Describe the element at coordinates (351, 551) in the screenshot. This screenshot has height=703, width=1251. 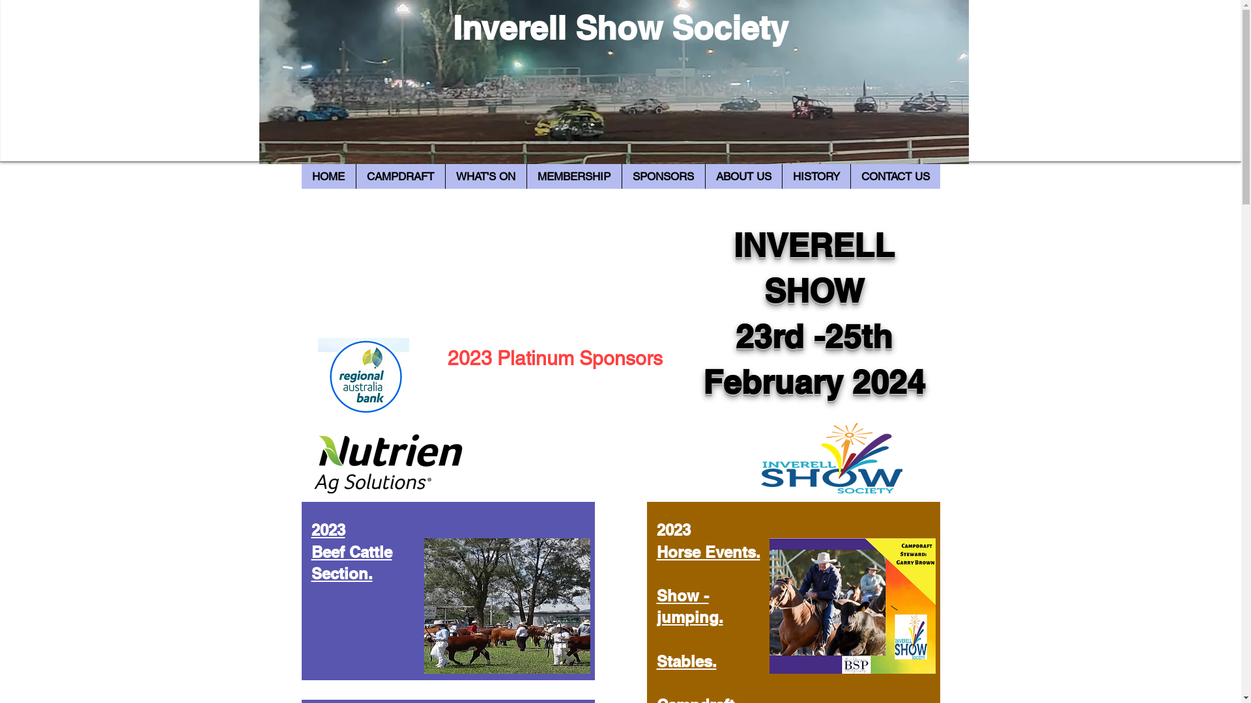
I see `'2023` at that location.